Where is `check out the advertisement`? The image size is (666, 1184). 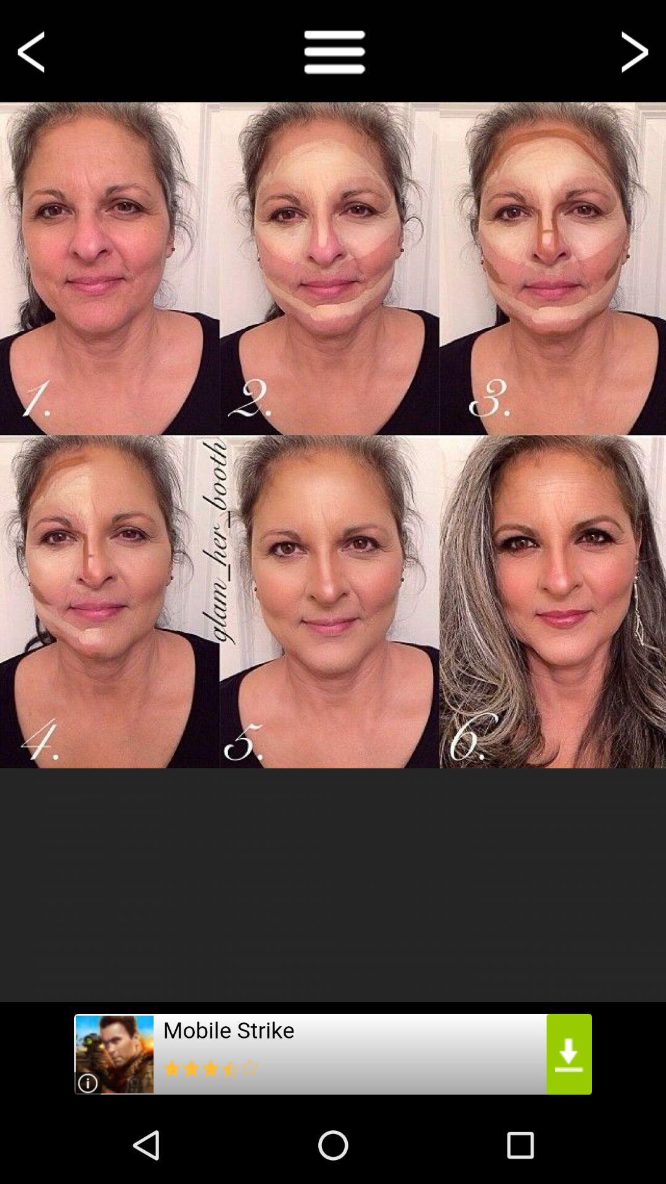
check out the advertisement is located at coordinates (333, 1053).